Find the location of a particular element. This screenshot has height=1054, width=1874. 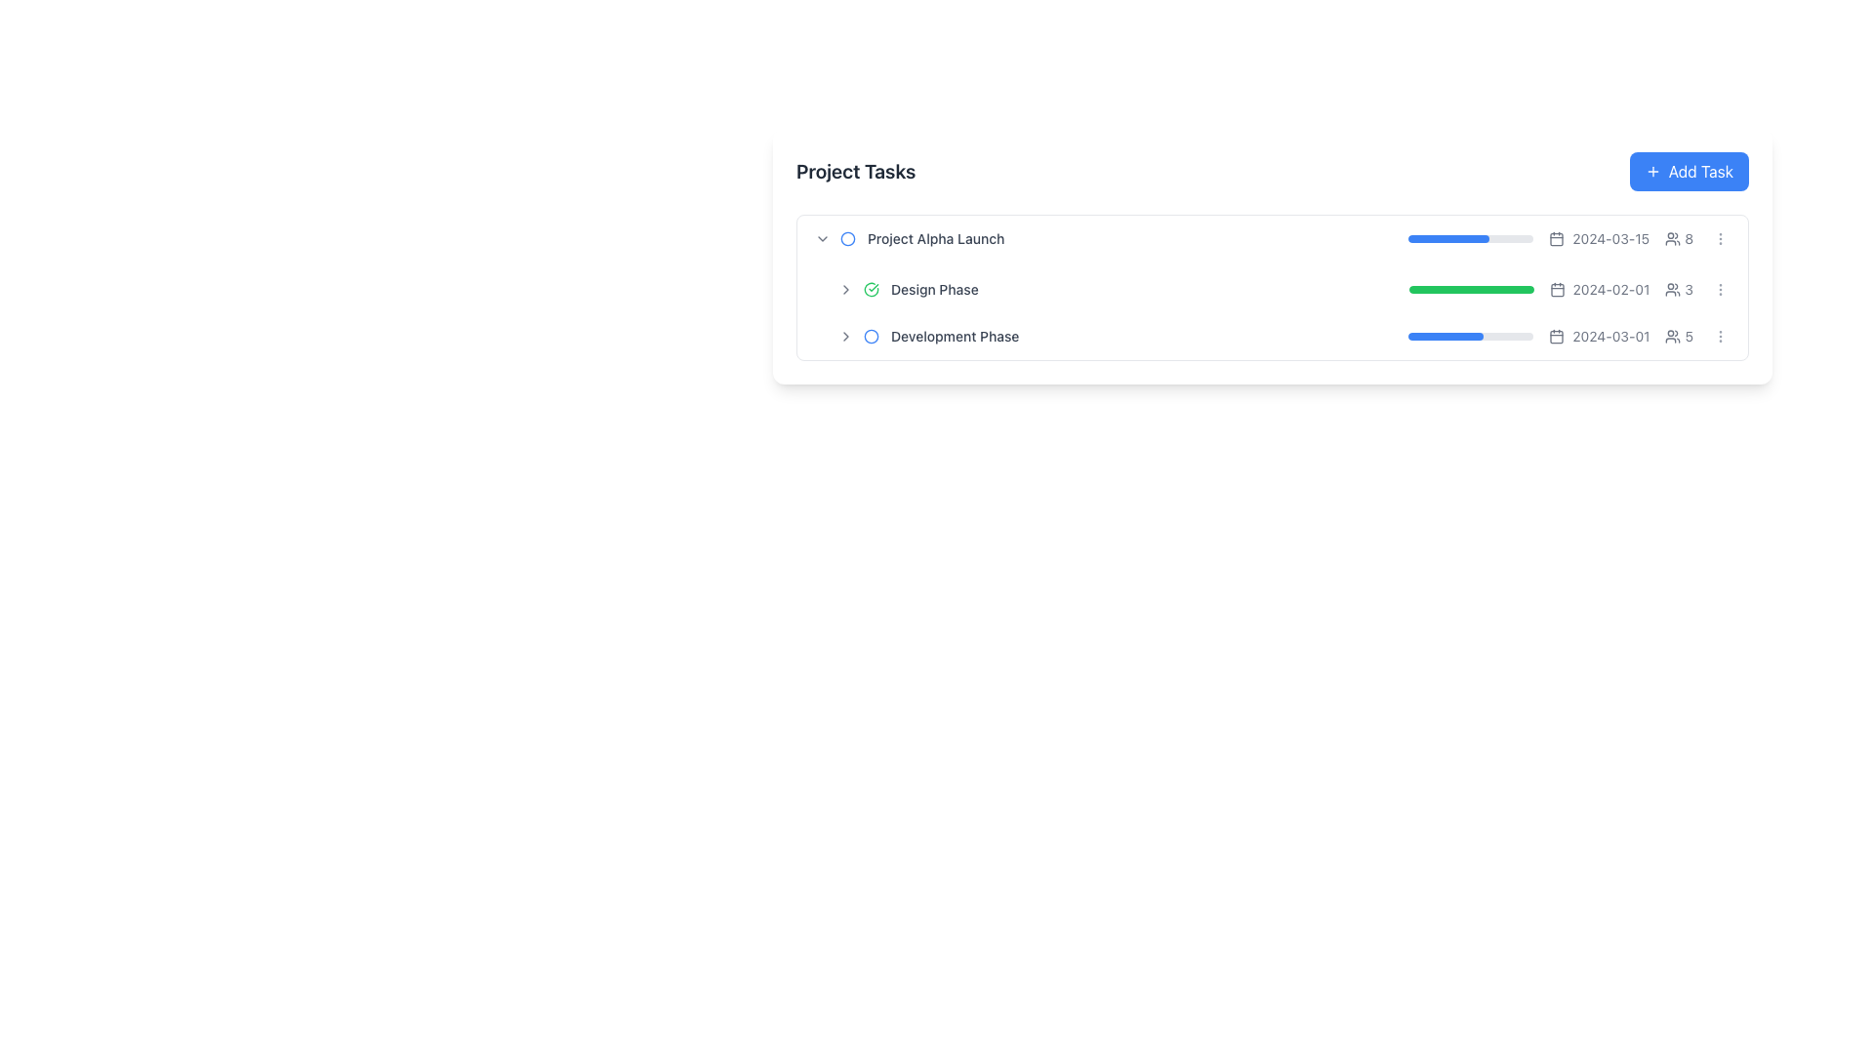

the progress bar indicating the completion of the task for '2024-03-15', located in the right section of the task row is located at coordinates (1471, 238).